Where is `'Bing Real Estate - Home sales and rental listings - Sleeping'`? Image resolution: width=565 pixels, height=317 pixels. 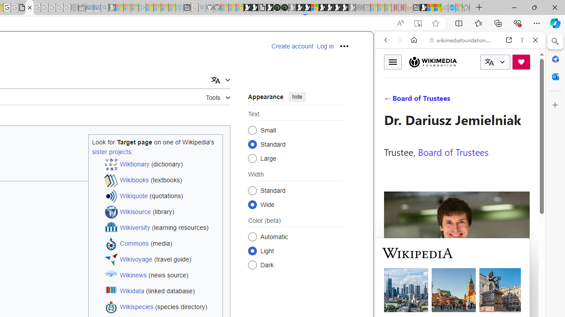
'Bing Real Estate - Home sales and rental listings - Sleeping' is located at coordinates (104, 7).